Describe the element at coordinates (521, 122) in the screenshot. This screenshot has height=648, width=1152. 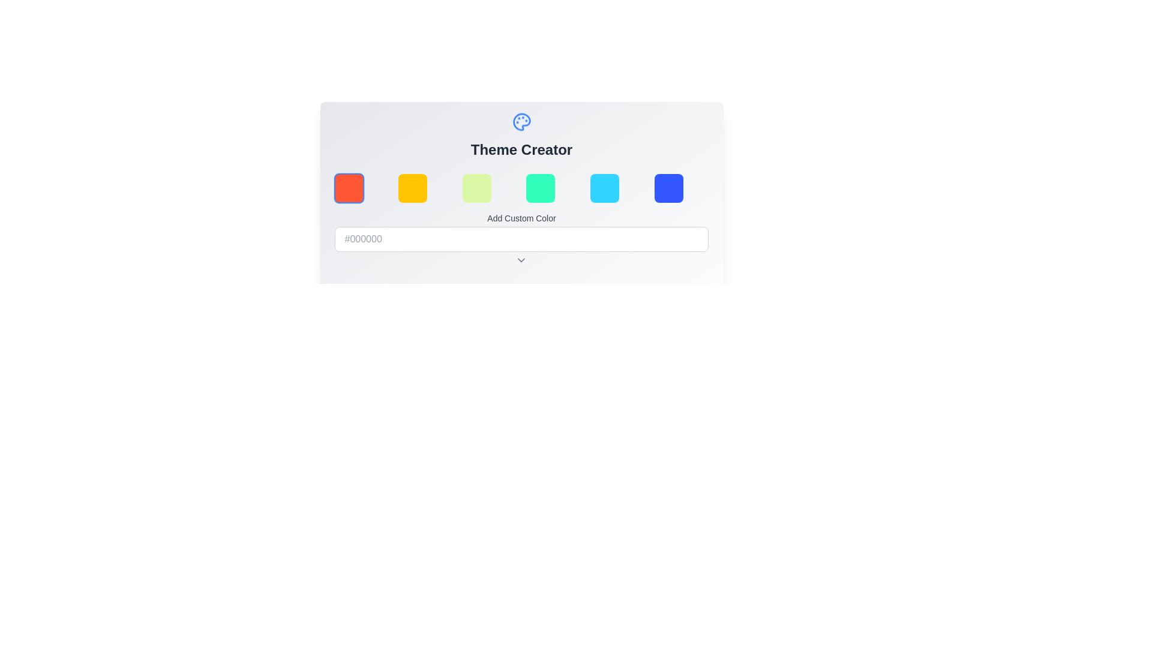
I see `the theme creation icon, which is centered horizontally above the 'Theme Creator' text label, for recognition` at that location.